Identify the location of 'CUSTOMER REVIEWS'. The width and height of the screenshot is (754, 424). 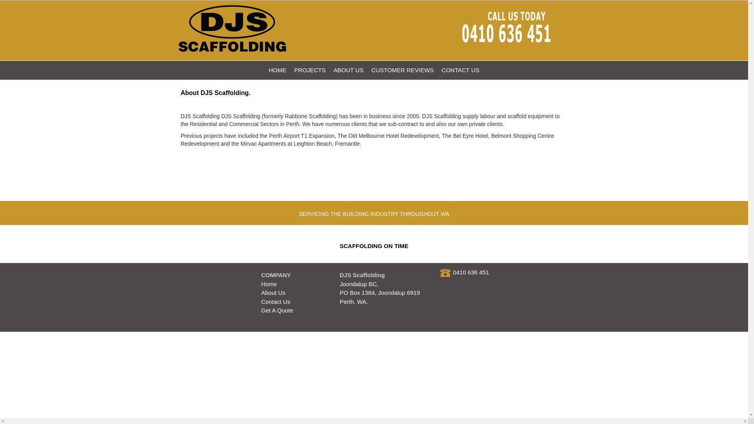
(403, 69).